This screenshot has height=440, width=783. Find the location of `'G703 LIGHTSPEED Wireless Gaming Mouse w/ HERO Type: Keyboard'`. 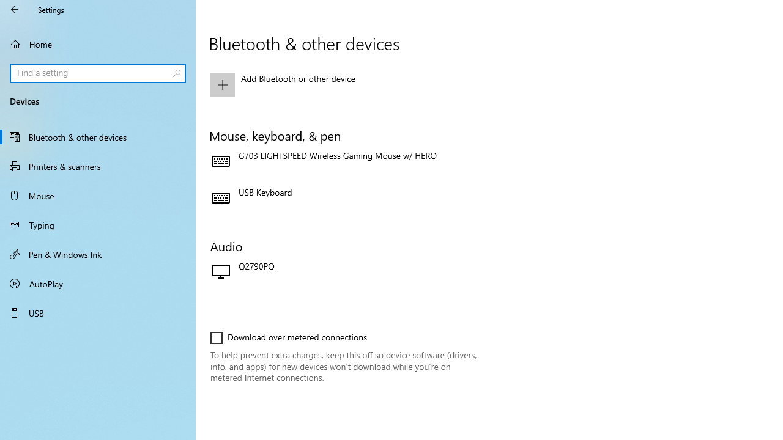

'G703 LIGHTSPEED Wireless Gaming Mouse w/ HERO Type: Keyboard' is located at coordinates (344, 161).